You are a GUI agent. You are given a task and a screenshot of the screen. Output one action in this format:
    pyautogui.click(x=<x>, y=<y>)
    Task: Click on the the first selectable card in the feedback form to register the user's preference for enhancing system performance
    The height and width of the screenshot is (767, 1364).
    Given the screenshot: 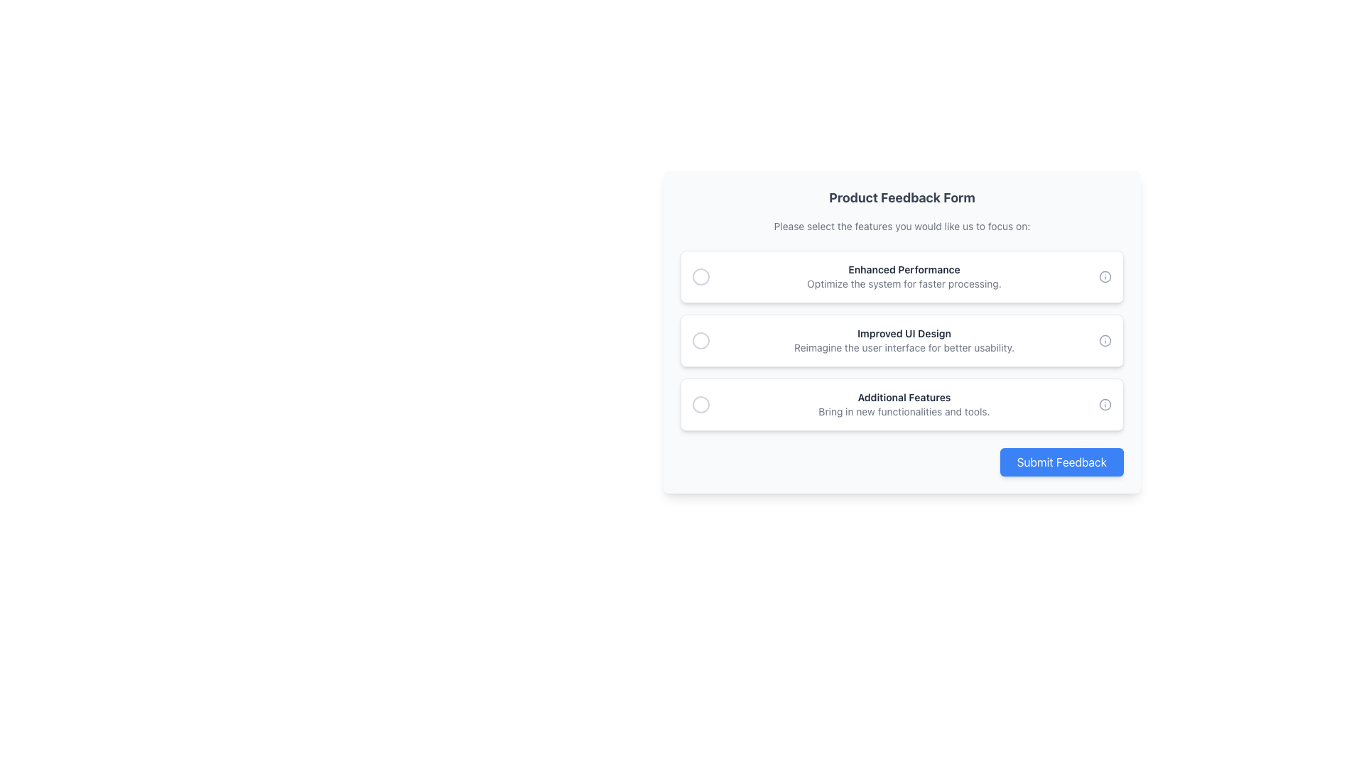 What is the action you would take?
    pyautogui.click(x=902, y=276)
    